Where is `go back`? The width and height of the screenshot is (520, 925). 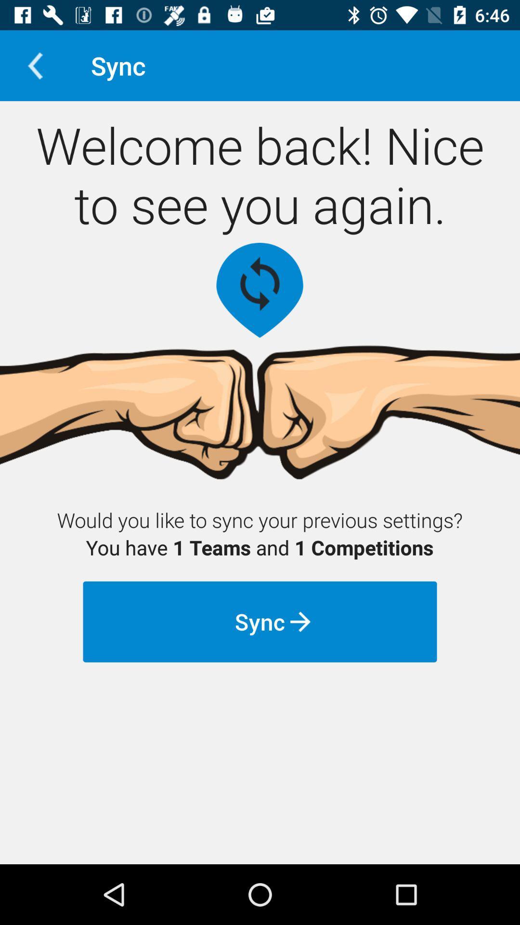 go back is located at coordinates (35, 65).